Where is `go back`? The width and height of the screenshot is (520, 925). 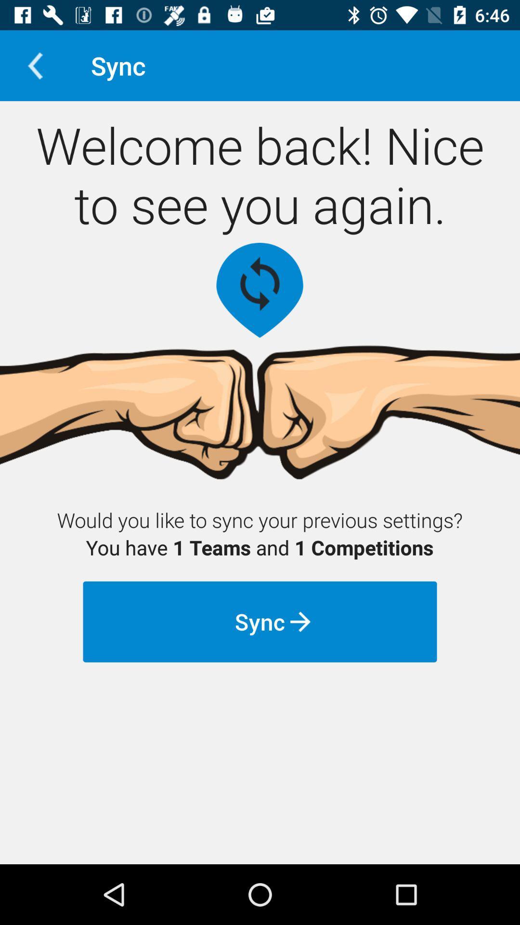 go back is located at coordinates (35, 65).